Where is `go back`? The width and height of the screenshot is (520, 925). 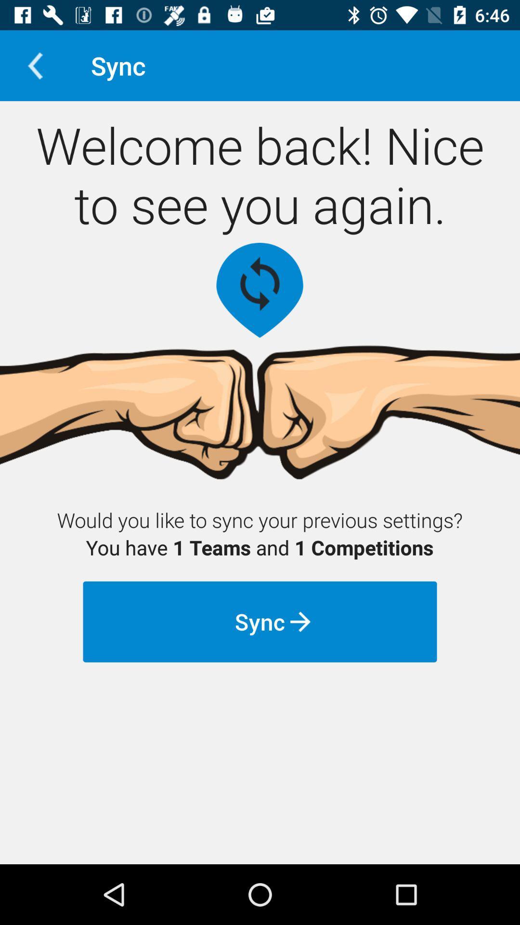 go back is located at coordinates (35, 65).